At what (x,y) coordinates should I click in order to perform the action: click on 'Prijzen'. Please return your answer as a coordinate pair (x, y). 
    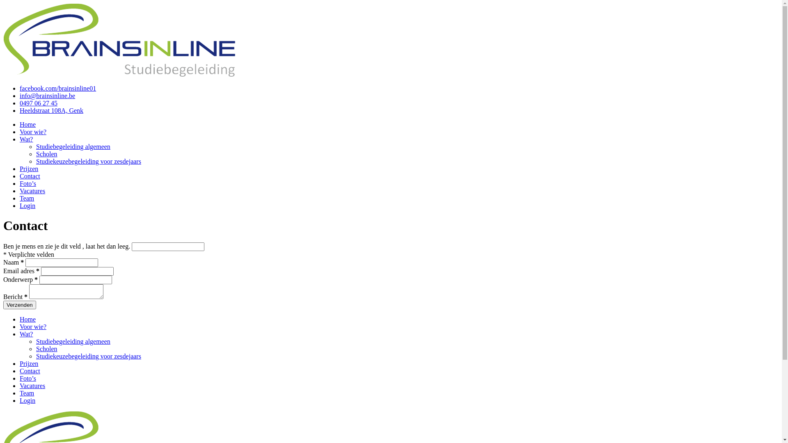
    Looking at the image, I should click on (29, 363).